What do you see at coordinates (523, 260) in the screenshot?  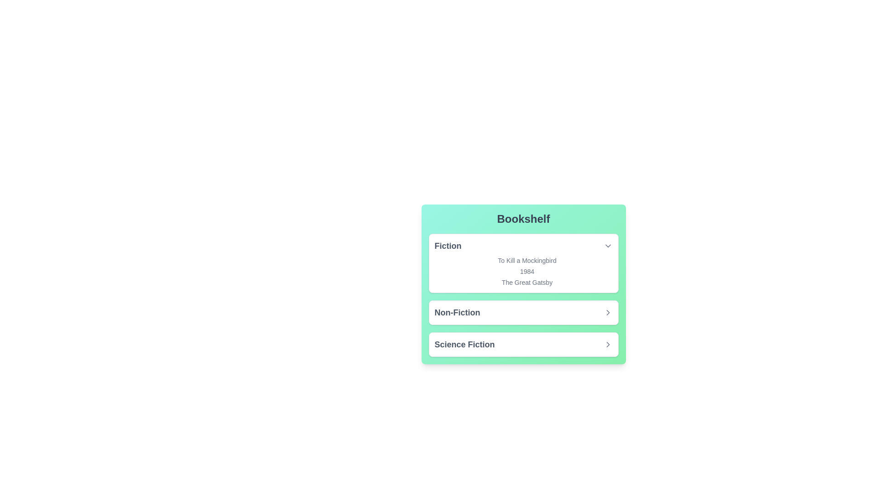 I see `the book title To Kill a Mockingbird` at bounding box center [523, 260].